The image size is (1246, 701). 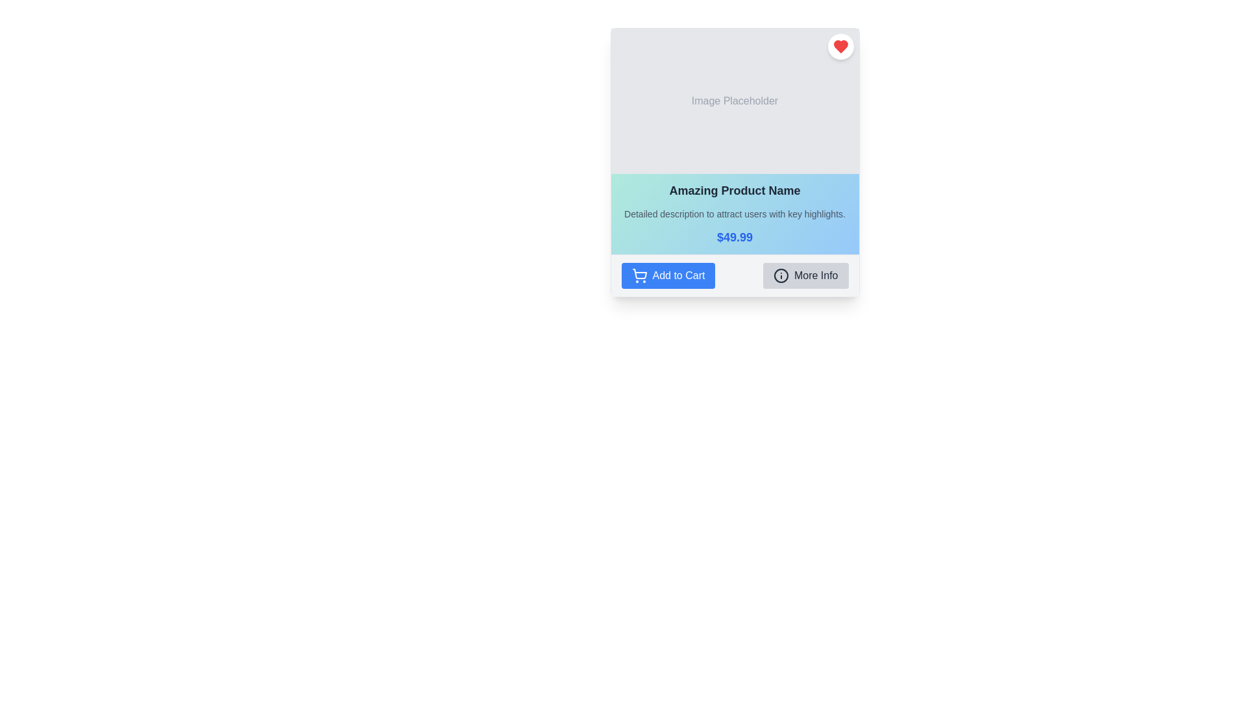 I want to click on the red heart-shaped icon, so click(x=840, y=46).